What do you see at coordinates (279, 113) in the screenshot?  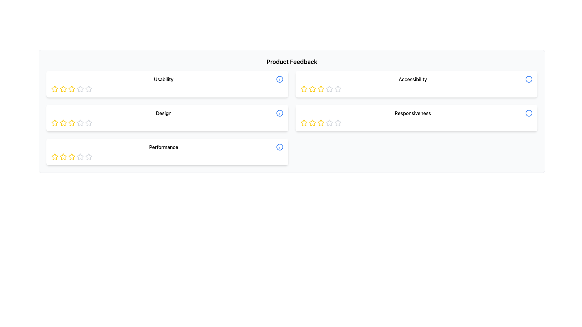 I see `the informational icon located to the far right of the 'Design' section, aligned horizontally with the text` at bounding box center [279, 113].